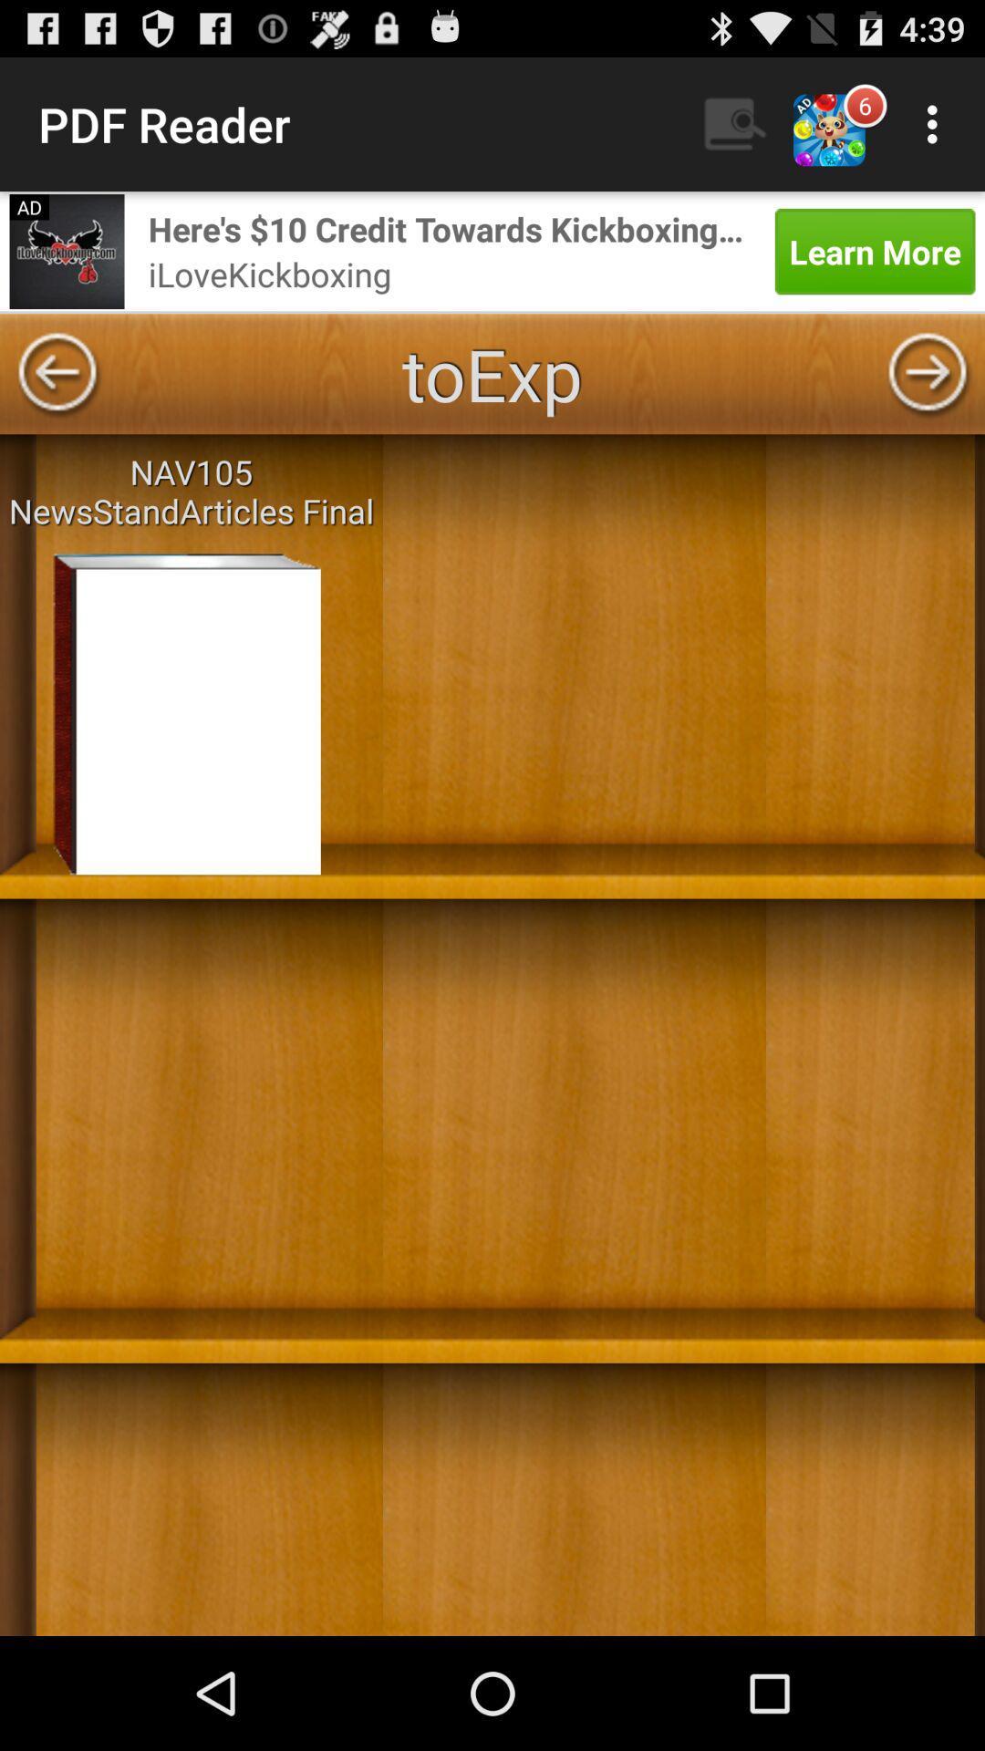 The width and height of the screenshot is (985, 1751). I want to click on next button, so click(928, 373).